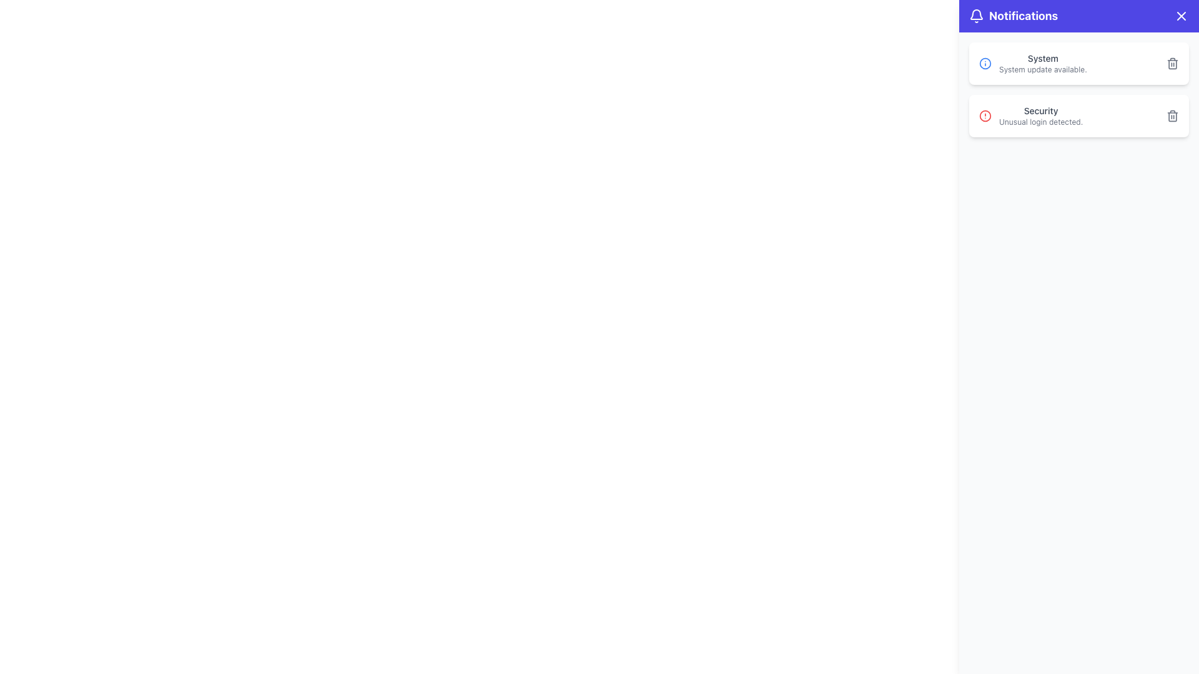 The height and width of the screenshot is (674, 1199). I want to click on the notification message indicating an unusual login attempt in the right sidebar, located below the 'System update available' notification, so click(1041, 115).